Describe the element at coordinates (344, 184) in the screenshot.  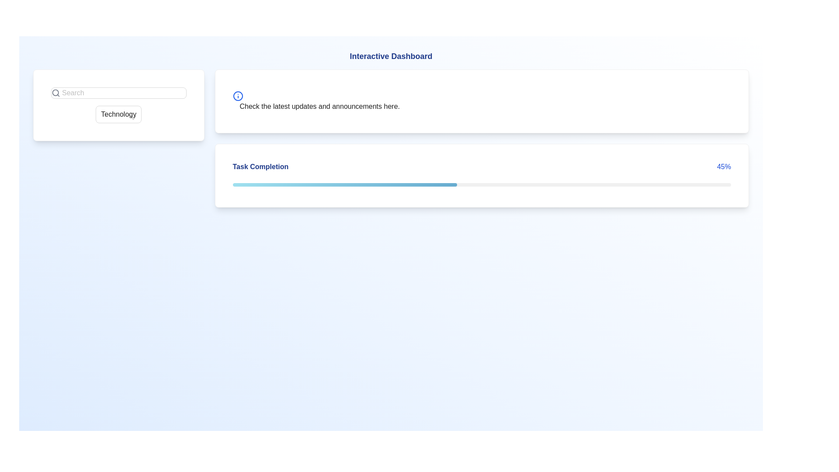
I see `the horizontal progress bar styled with a linear gradient from light blue to dark blue, located below the 'Task Completion' label` at that location.